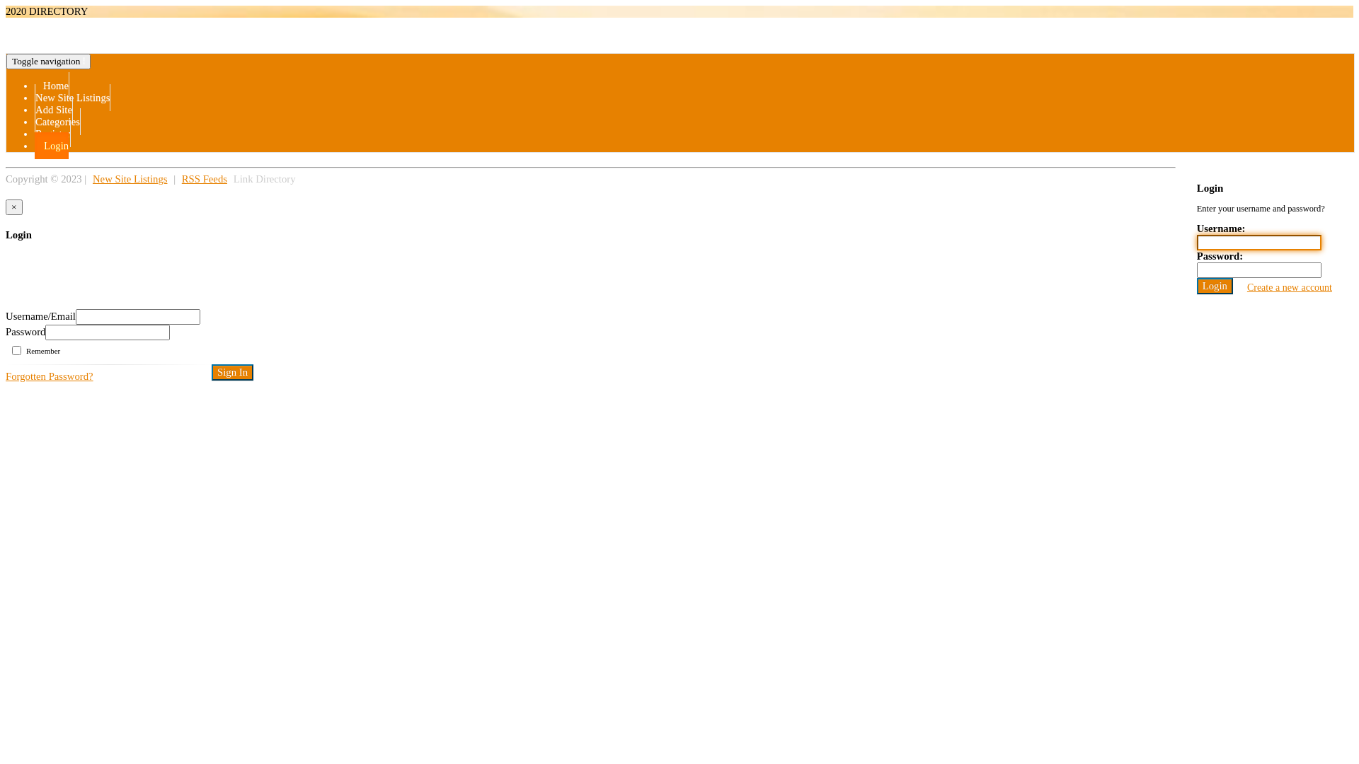 The image size is (1359, 764). What do you see at coordinates (52, 134) in the screenshot?
I see `'Register'` at bounding box center [52, 134].